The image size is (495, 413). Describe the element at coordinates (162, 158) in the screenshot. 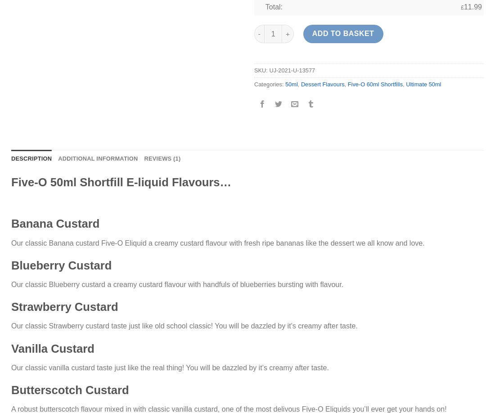

I see `'Reviews (1)'` at that location.